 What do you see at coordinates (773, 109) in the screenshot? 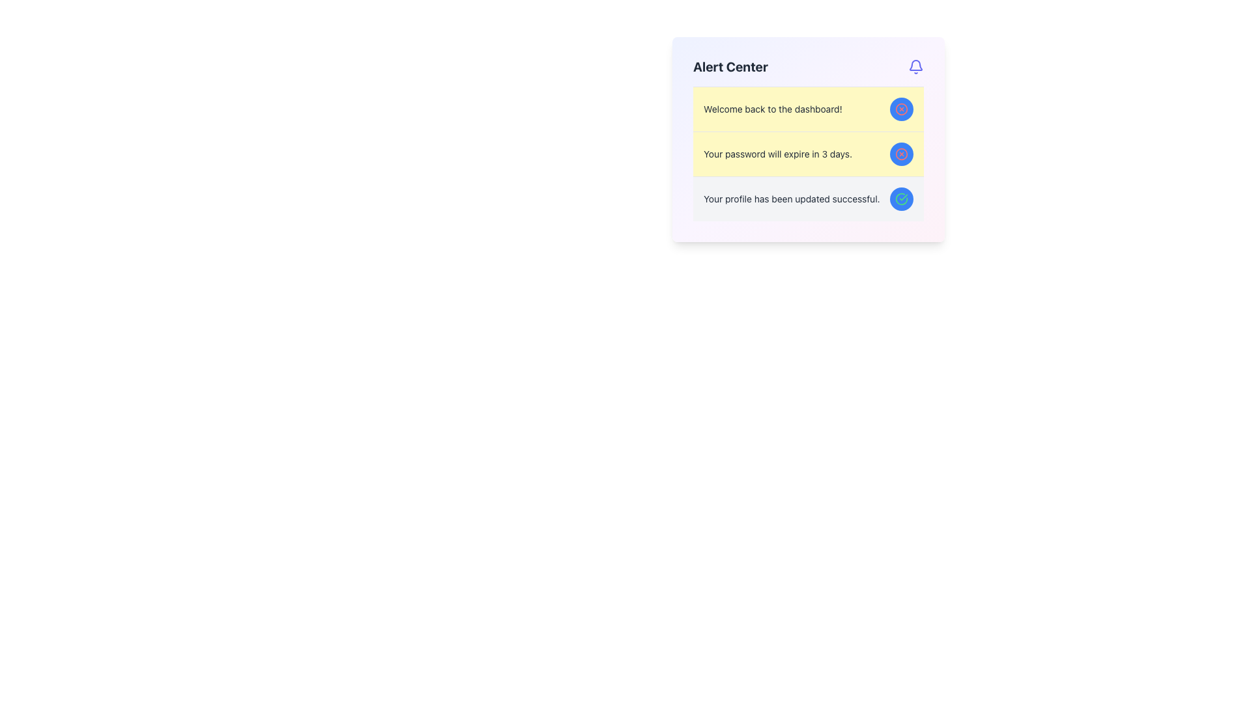
I see `the welcoming message text label located in the upper section of the yellow-highlighted notification block within the Alert Center` at bounding box center [773, 109].